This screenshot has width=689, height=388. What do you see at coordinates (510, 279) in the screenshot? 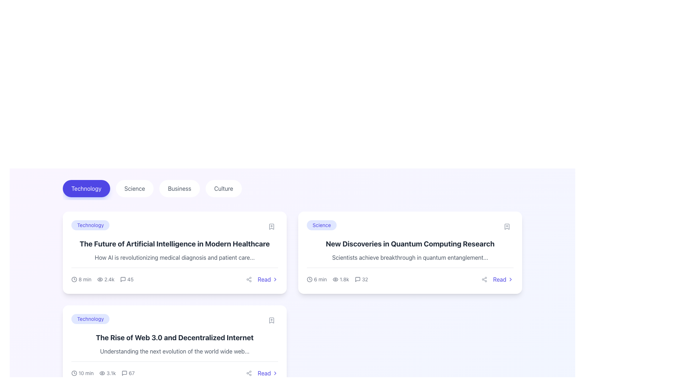
I see `the right-pointing chevron icon adjacent to the 'Read' text` at bounding box center [510, 279].